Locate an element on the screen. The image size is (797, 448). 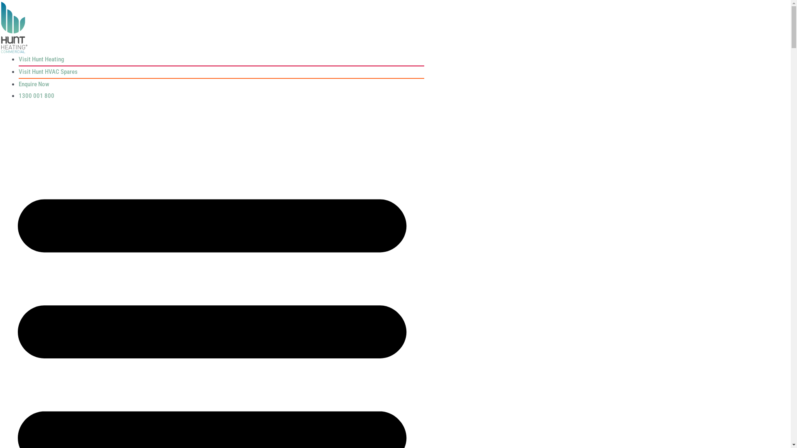
'Visit Hunt Heating' is located at coordinates (18, 58).